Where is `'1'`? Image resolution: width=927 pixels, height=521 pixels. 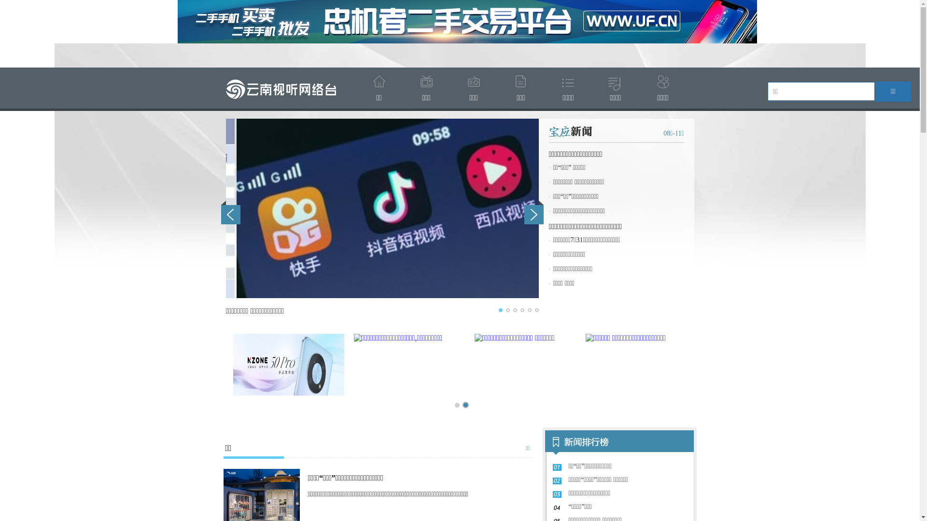
'1' is located at coordinates (500, 310).